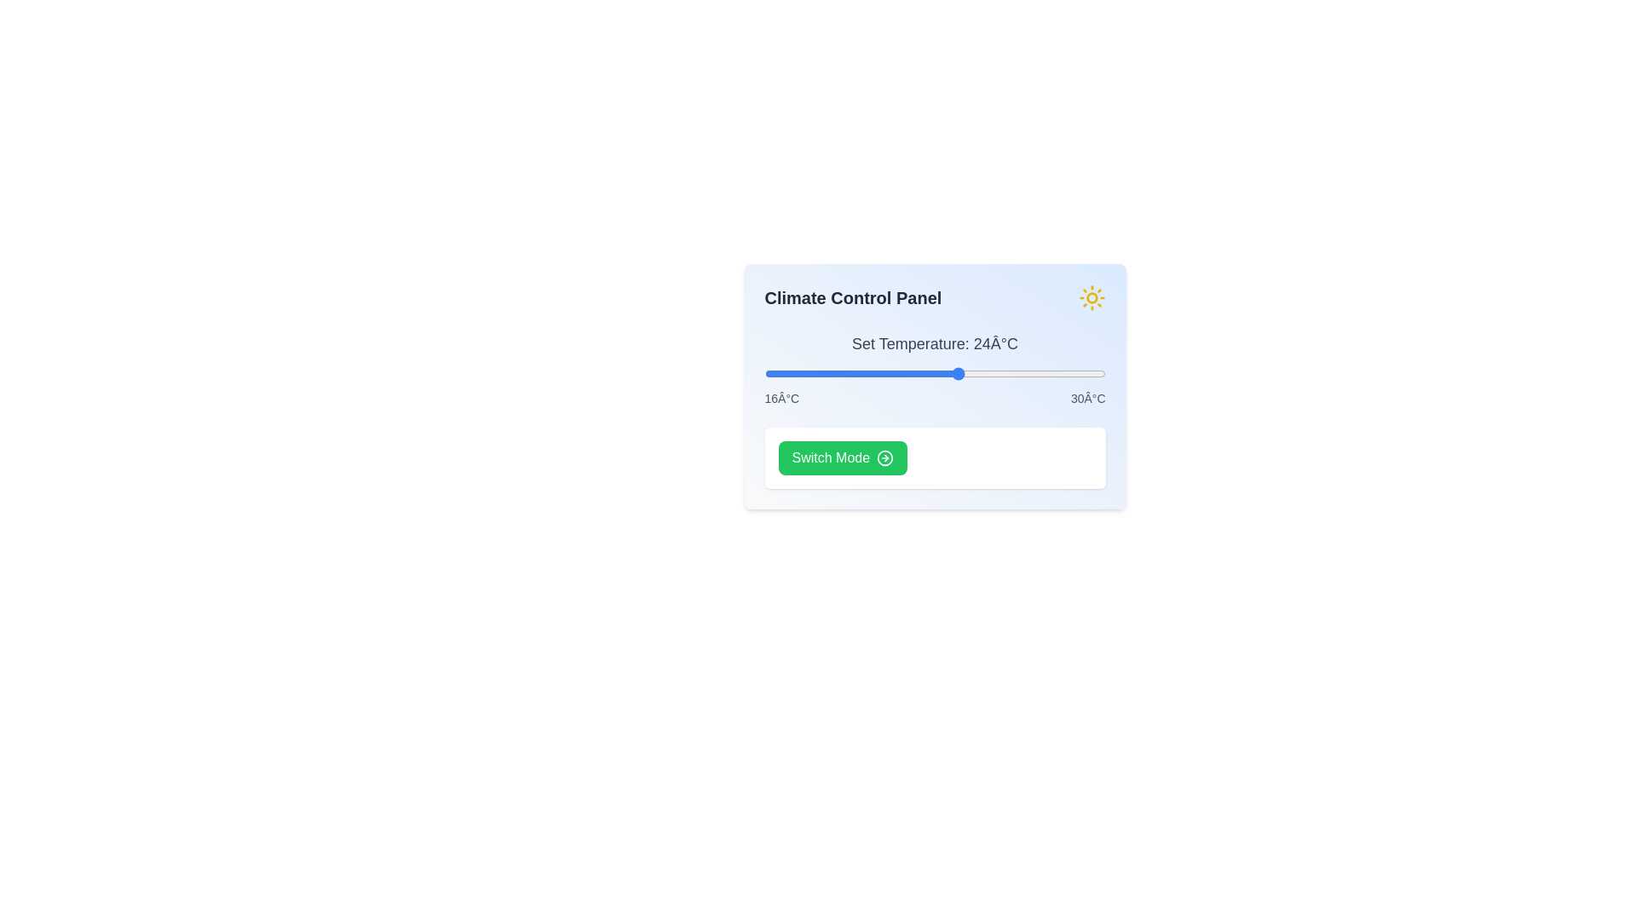 The image size is (1636, 920). What do you see at coordinates (838, 373) in the screenshot?
I see `the temperature` at bounding box center [838, 373].